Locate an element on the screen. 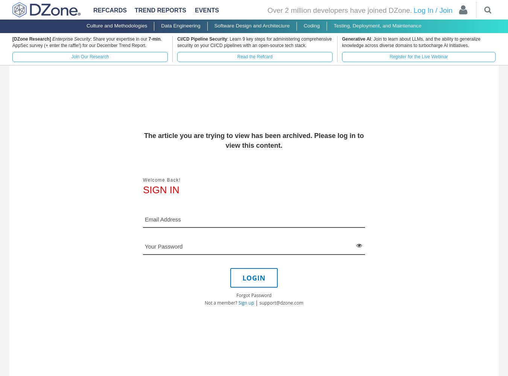 The height and width of the screenshot is (376, 508). 'LOGIN' is located at coordinates (254, 277).